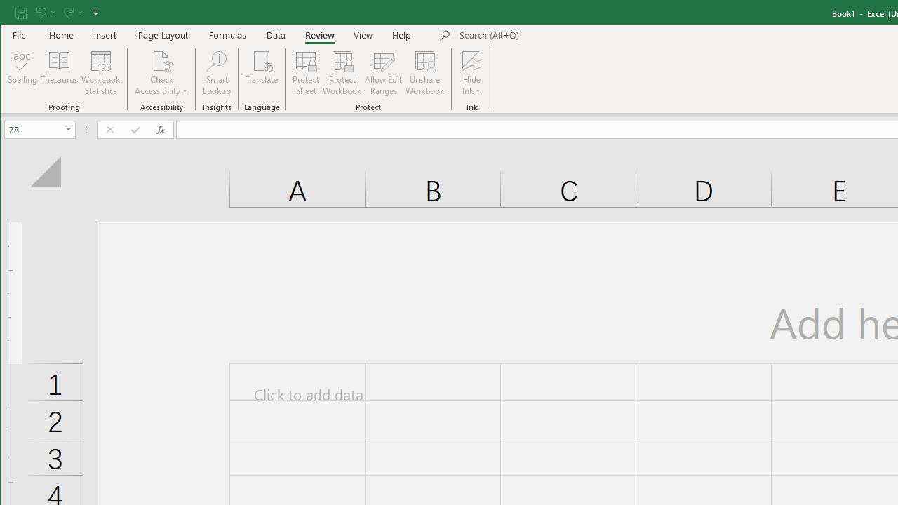  I want to click on 'Check Accessibility', so click(161, 73).